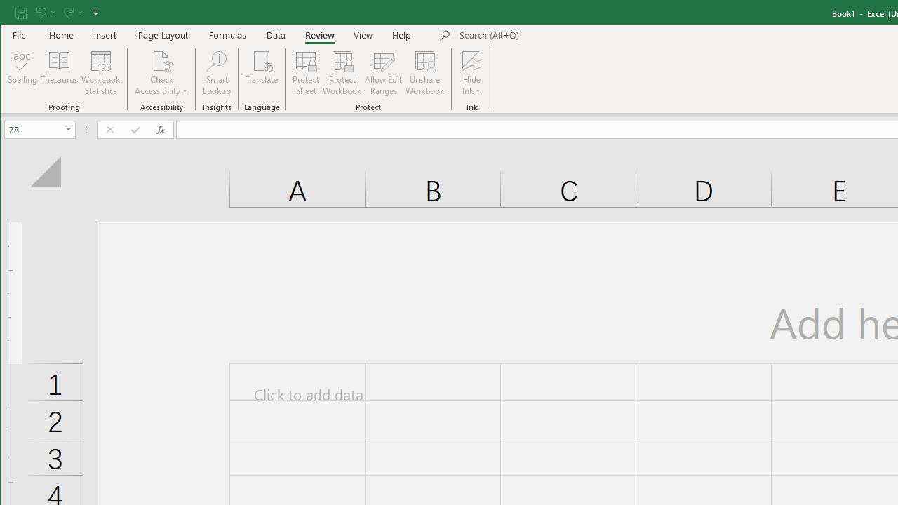  I want to click on 'Check Accessibility', so click(161, 73).